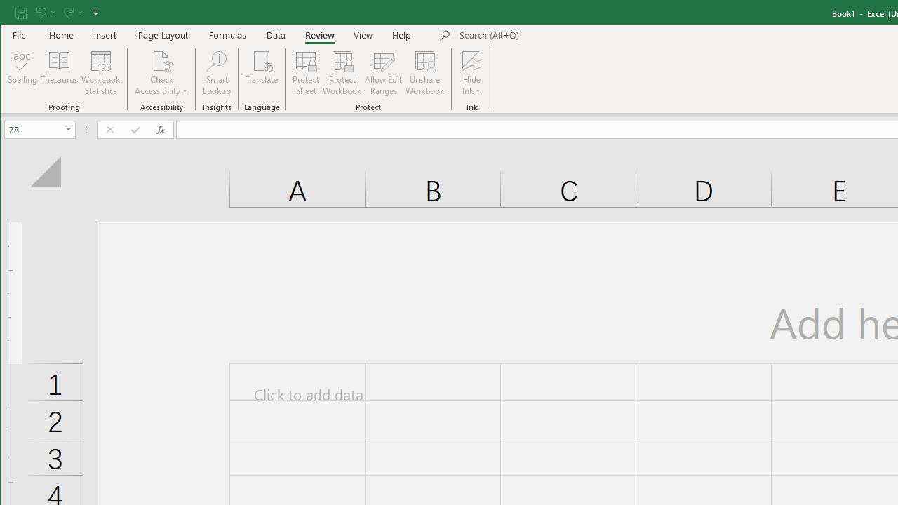  I want to click on 'Check Accessibility', so click(161, 73).